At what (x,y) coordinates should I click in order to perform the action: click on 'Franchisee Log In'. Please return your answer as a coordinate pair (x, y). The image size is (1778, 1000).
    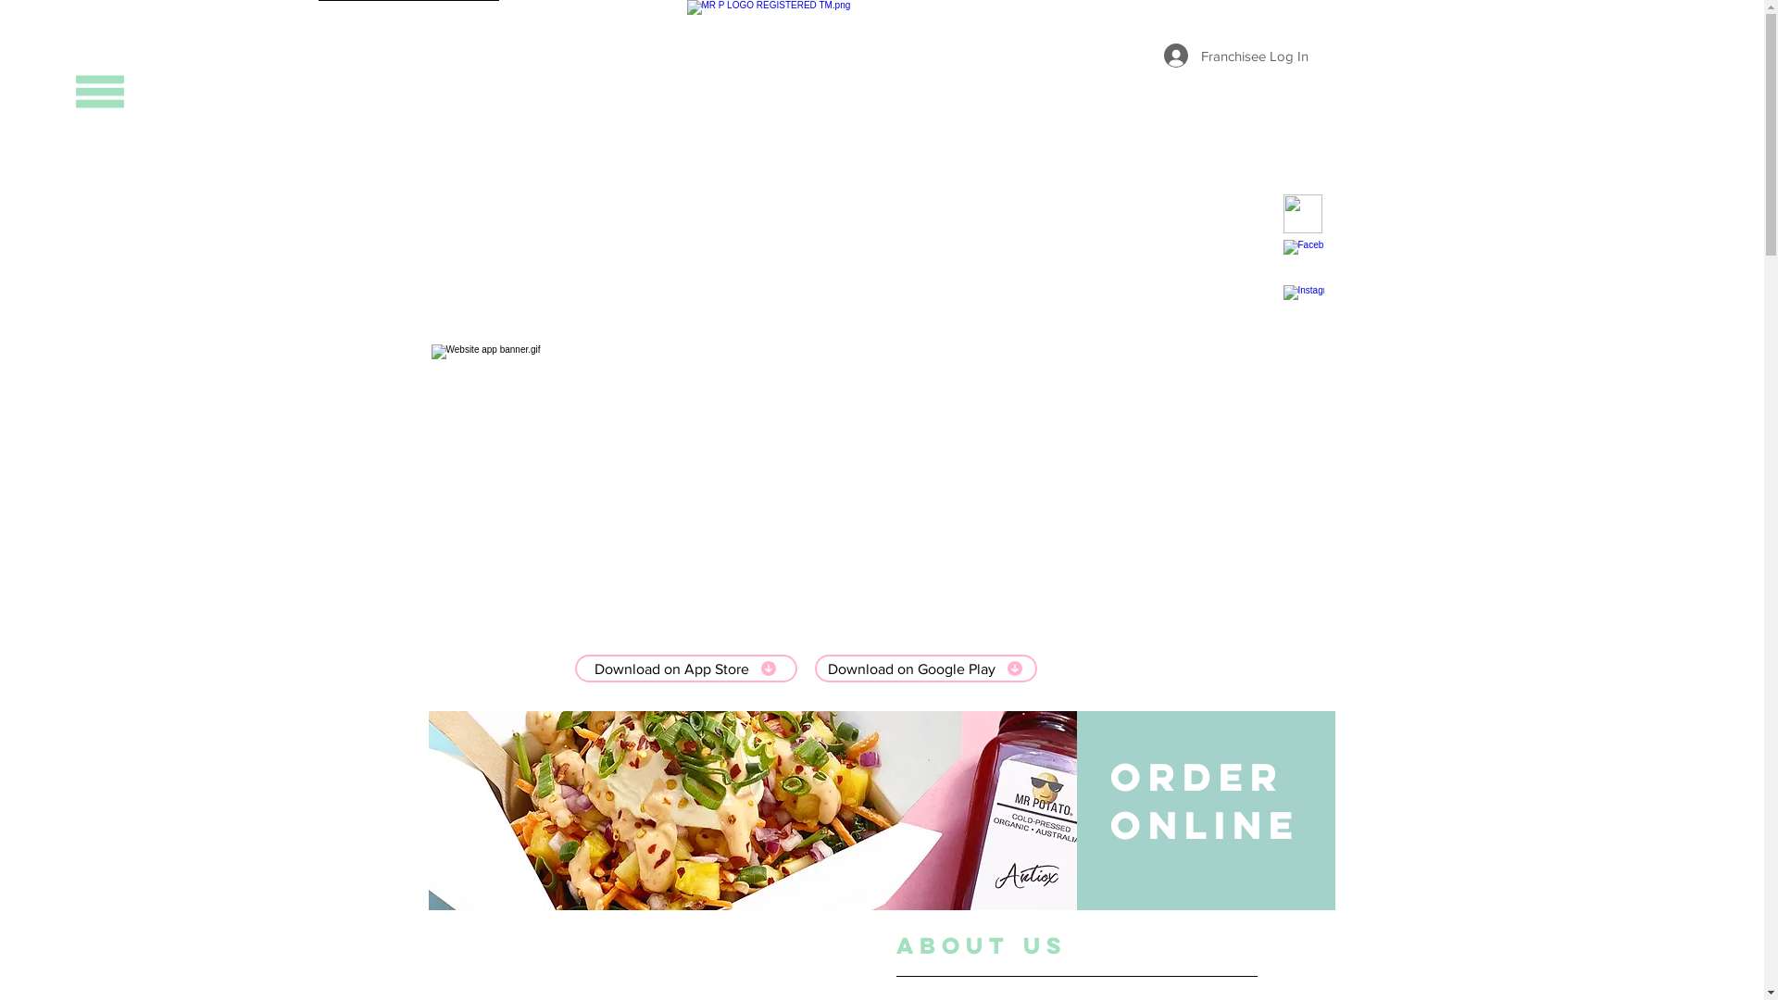
    Looking at the image, I should click on (1149, 55).